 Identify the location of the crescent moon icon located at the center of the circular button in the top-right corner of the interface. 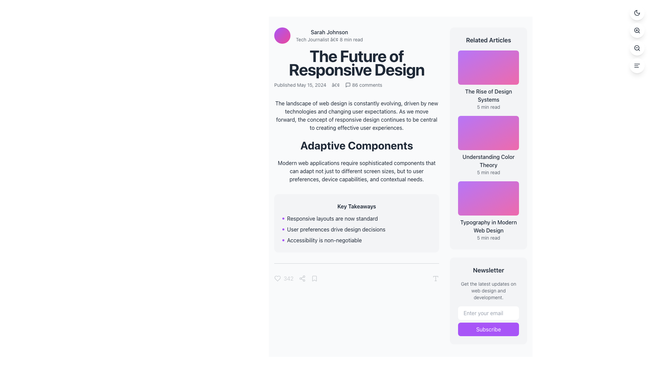
(636, 13).